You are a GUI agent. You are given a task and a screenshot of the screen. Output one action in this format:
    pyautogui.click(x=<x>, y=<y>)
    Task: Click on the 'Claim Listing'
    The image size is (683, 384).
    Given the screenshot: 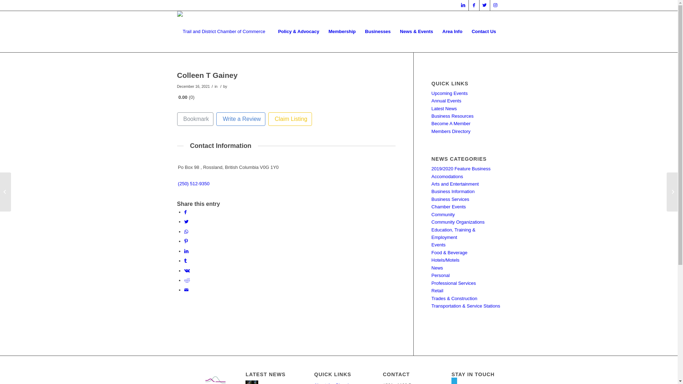 What is the action you would take?
    pyautogui.click(x=290, y=119)
    